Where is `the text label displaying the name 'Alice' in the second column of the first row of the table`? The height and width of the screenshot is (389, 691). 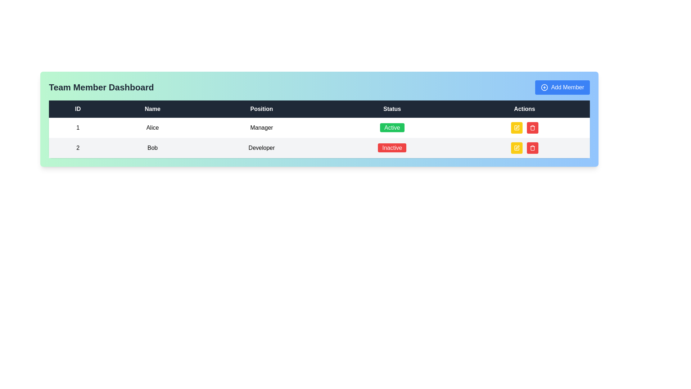 the text label displaying the name 'Alice' in the second column of the first row of the table is located at coordinates (152, 127).